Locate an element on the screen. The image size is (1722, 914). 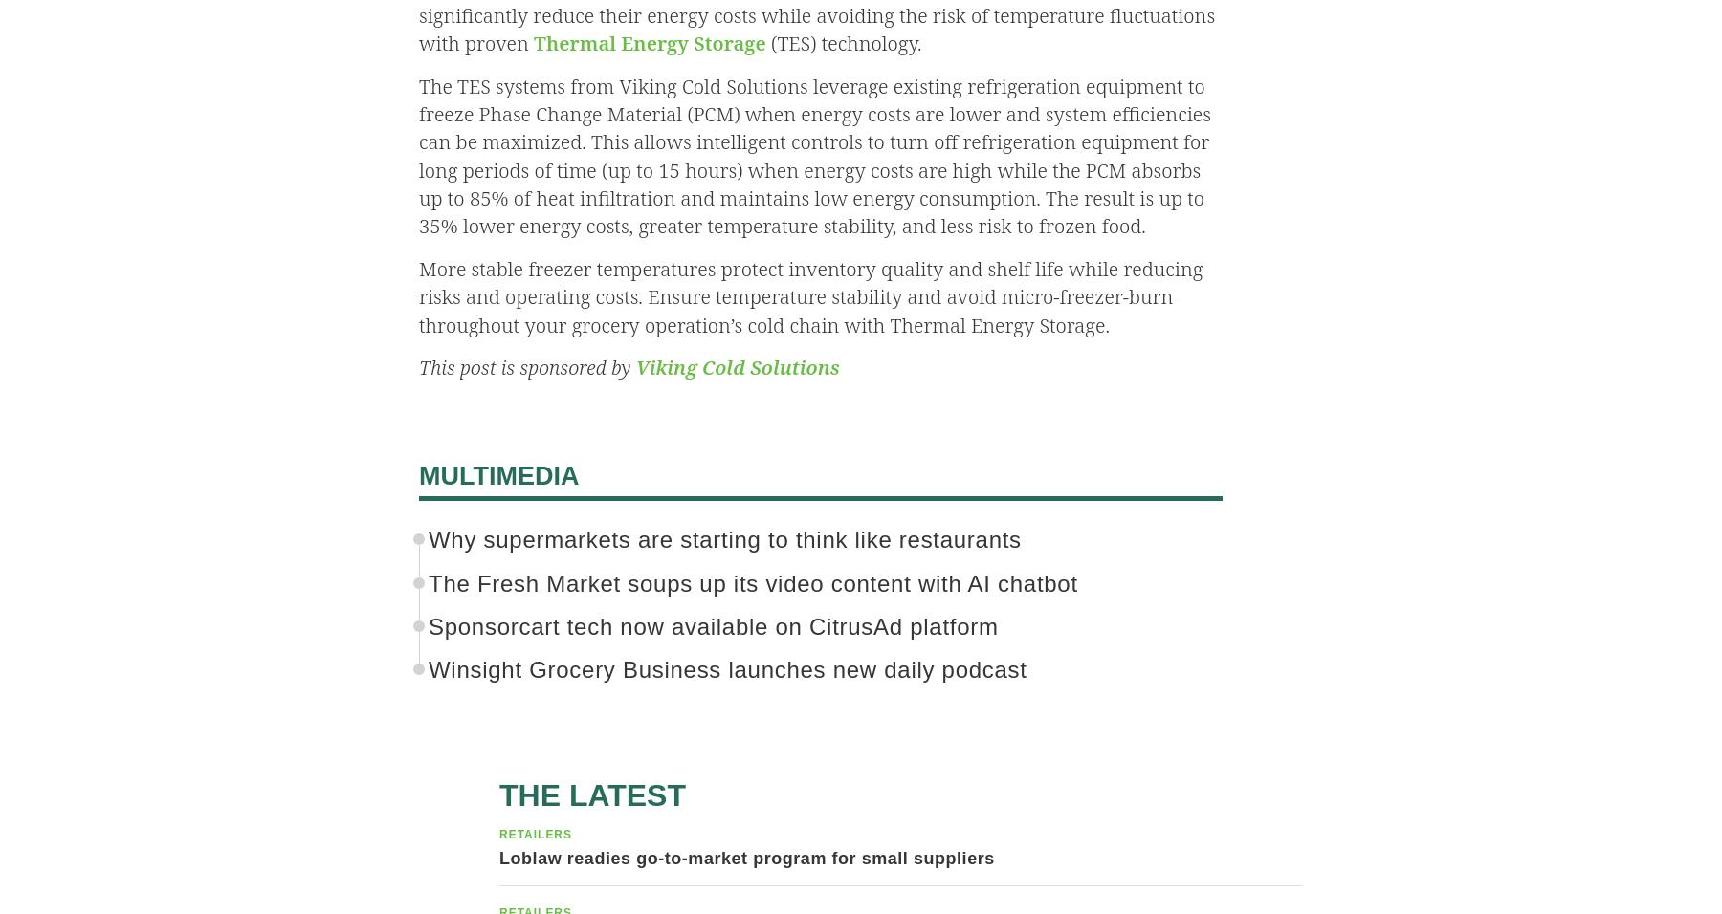
'This post is sponsored by' is located at coordinates (418, 367).